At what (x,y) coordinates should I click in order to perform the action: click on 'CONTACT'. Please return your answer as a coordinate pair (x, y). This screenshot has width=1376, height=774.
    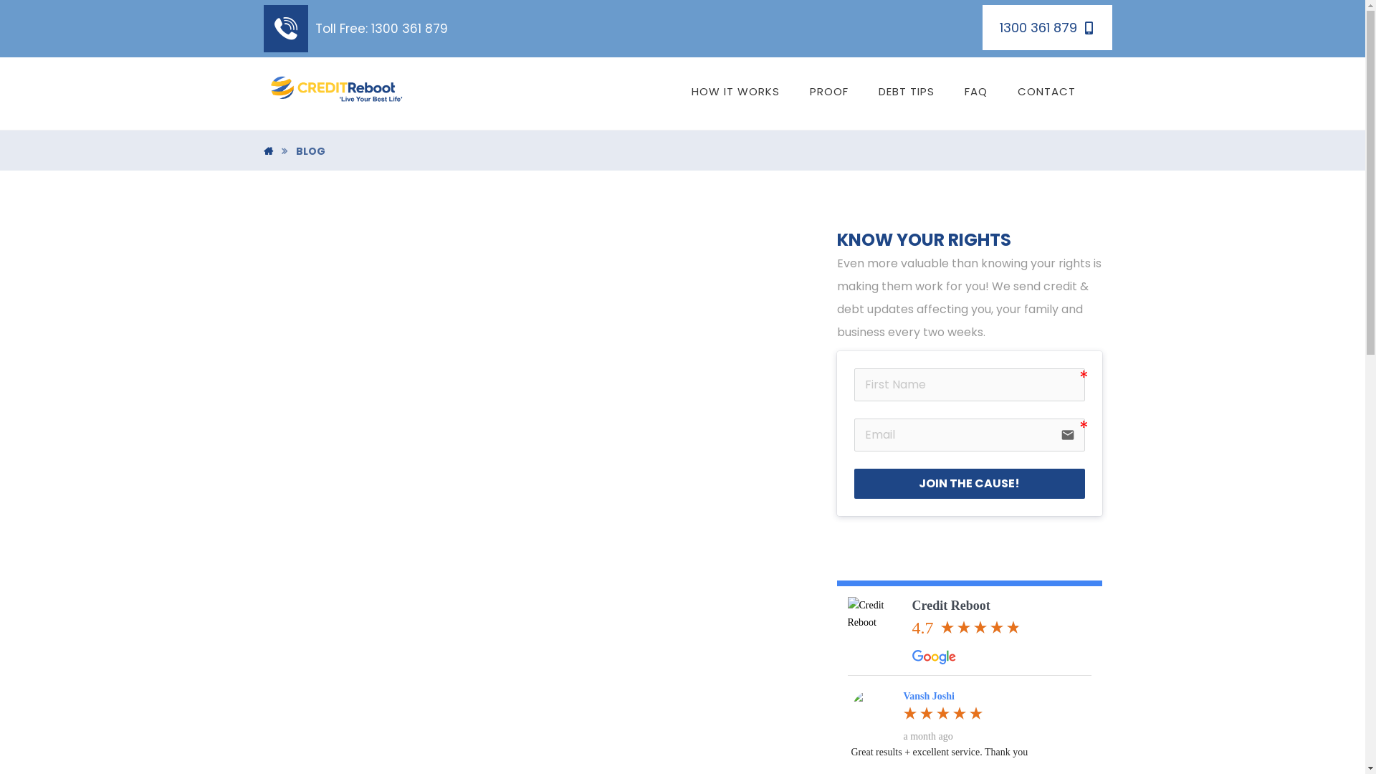
    Looking at the image, I should click on (1046, 91).